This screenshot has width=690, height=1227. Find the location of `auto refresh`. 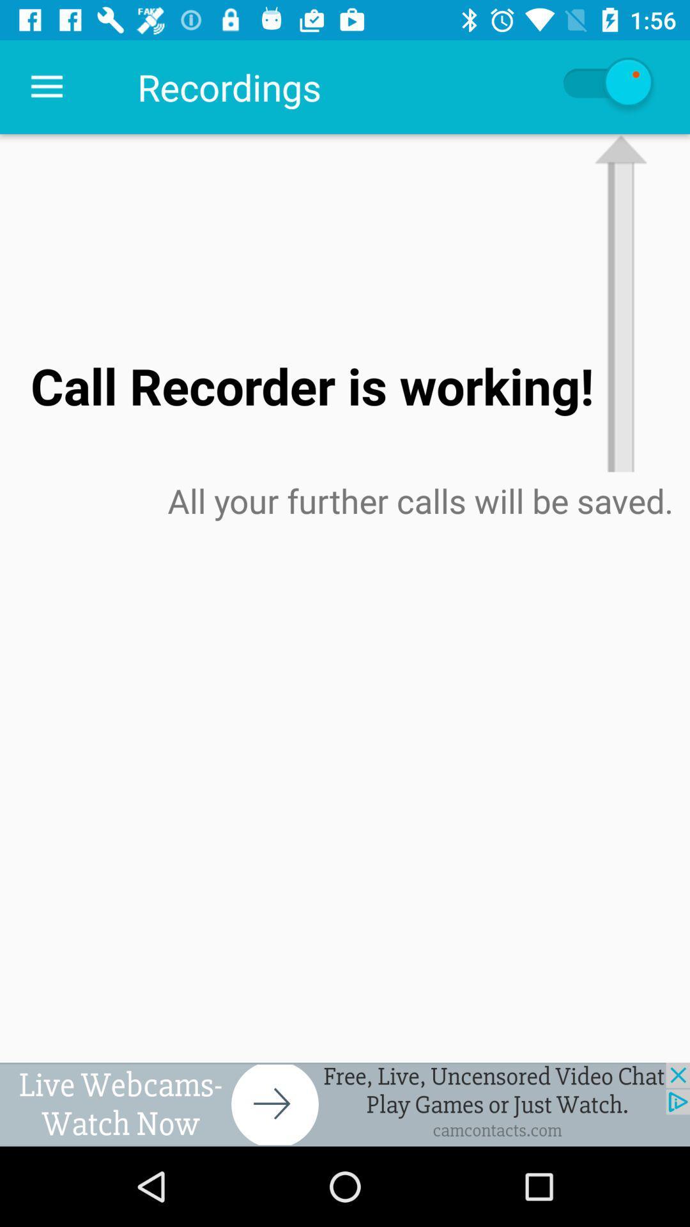

auto refresh is located at coordinates (606, 86).